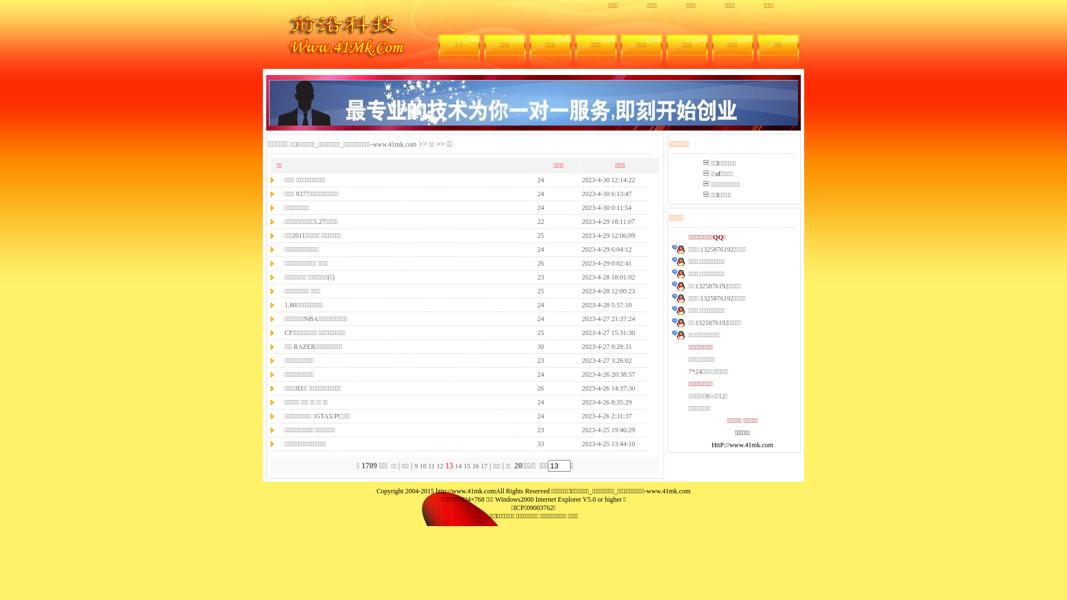 Image resolution: width=1067 pixels, height=600 pixels. Describe the element at coordinates (541, 443) in the screenshot. I see `'33'` at that location.